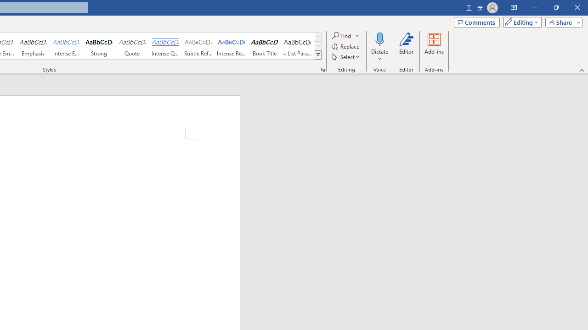 The height and width of the screenshot is (330, 588). Describe the element at coordinates (264, 46) in the screenshot. I see `'Book Title'` at that location.